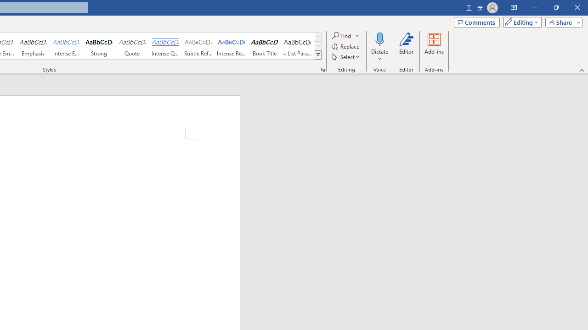 The height and width of the screenshot is (330, 588). Describe the element at coordinates (264, 46) in the screenshot. I see `'Book Title'` at that location.